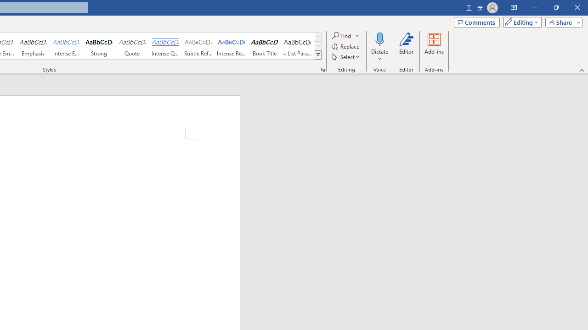 The height and width of the screenshot is (330, 588). Describe the element at coordinates (264, 46) in the screenshot. I see `'Book Title'` at that location.